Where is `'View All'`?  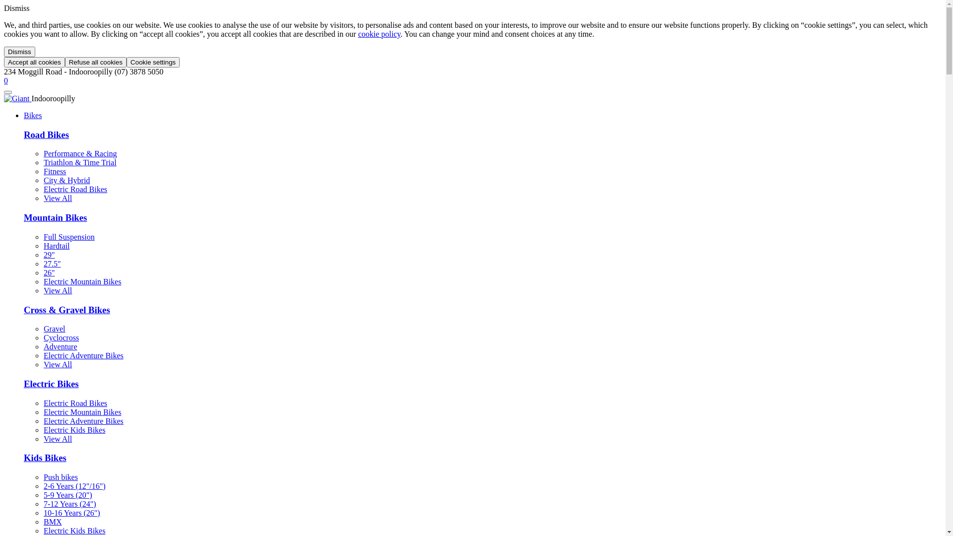
'View All' is located at coordinates (43, 198).